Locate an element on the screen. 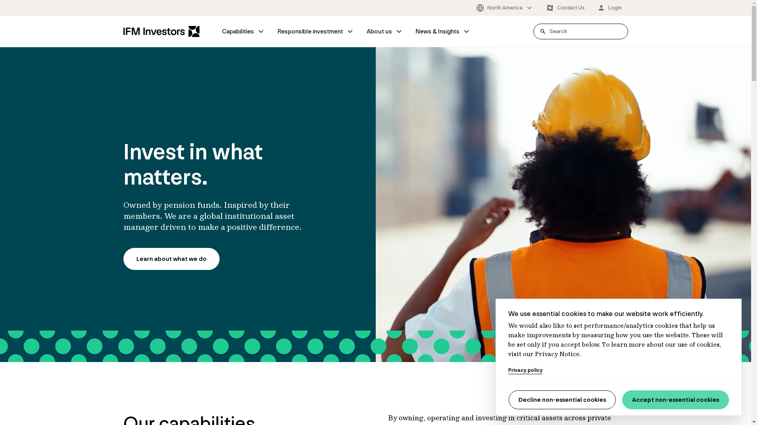 This screenshot has width=757, height=425. 'About us' is located at coordinates (384, 31).